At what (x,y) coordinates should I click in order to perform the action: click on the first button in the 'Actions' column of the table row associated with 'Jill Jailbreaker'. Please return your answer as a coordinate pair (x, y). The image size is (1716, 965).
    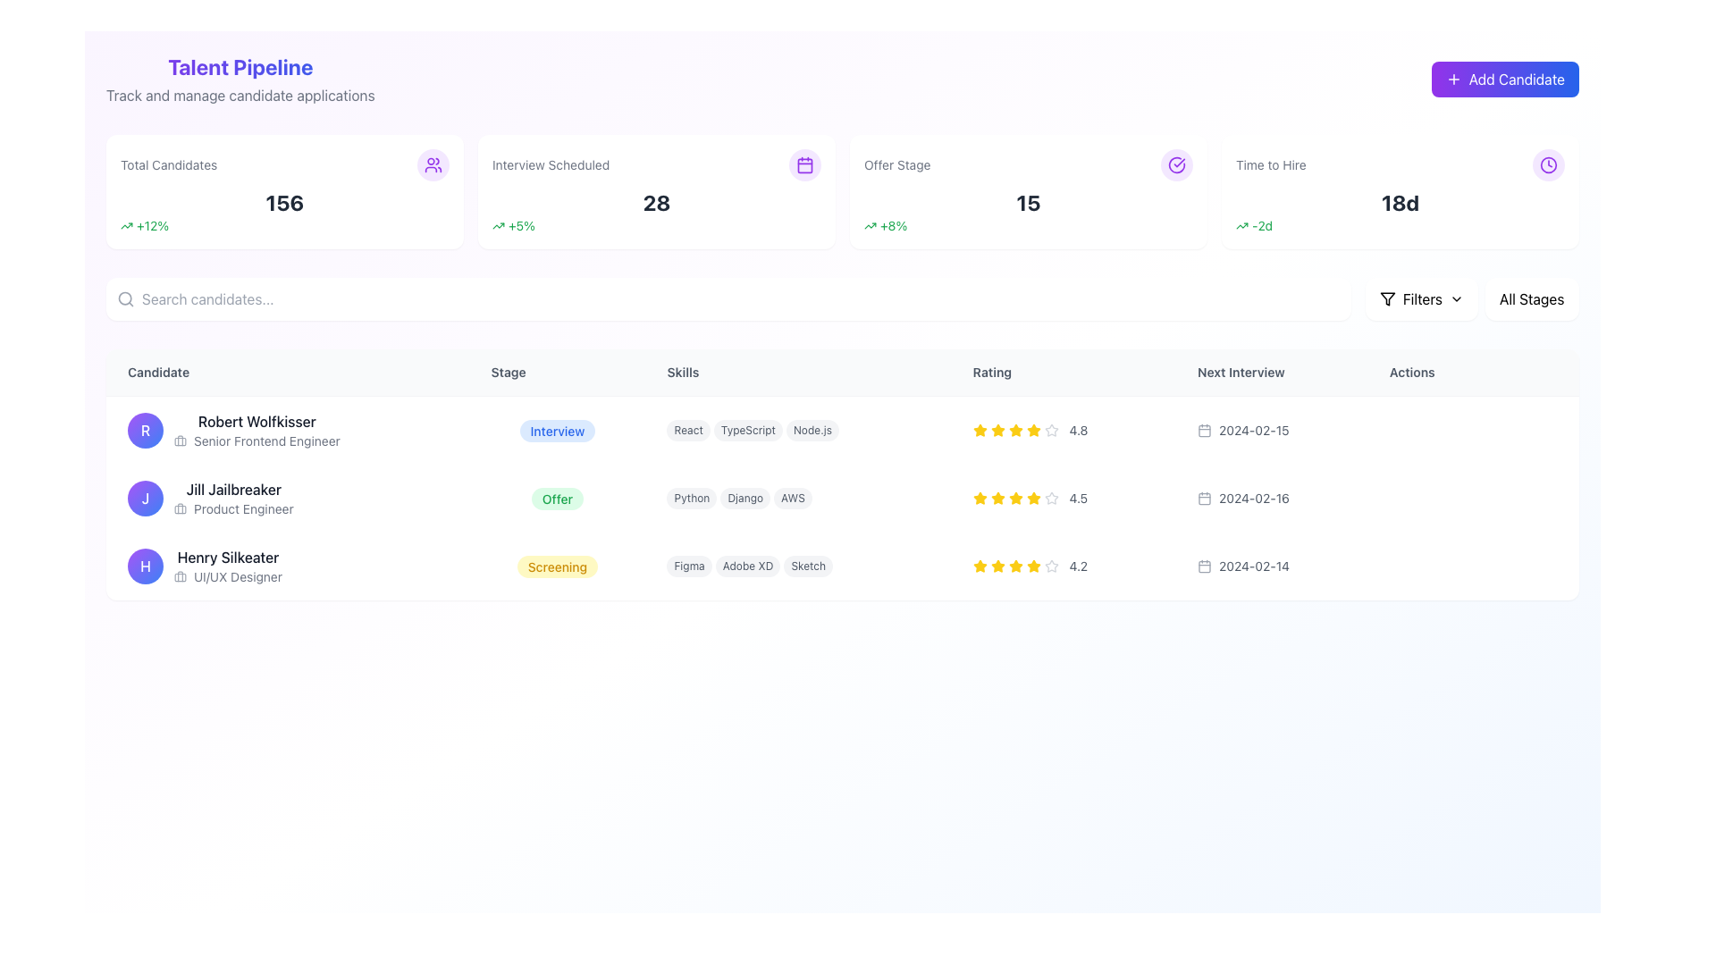
    Looking at the image, I should click on (1403, 499).